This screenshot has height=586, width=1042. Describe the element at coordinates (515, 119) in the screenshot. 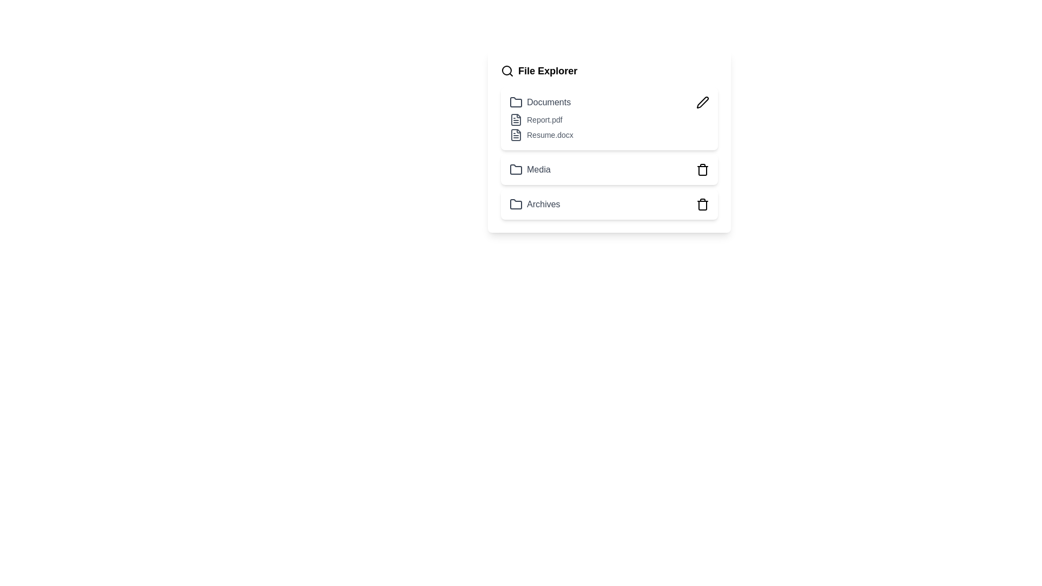

I see `the greyish-blue document icon in the 'File Explorer' section, located slightly to the left of 'Report.pdf'` at that location.